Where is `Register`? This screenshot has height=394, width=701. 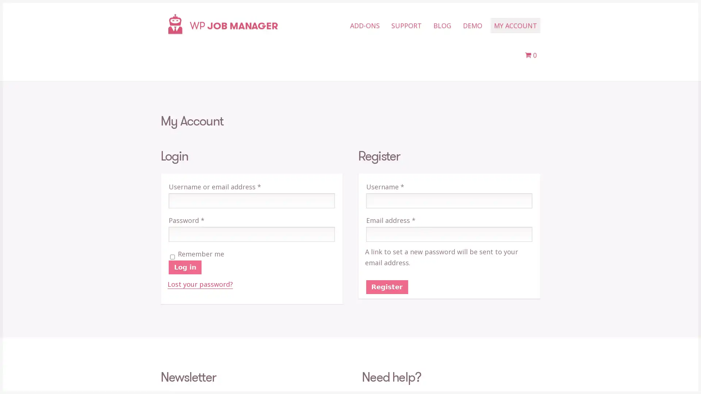 Register is located at coordinates (386, 286).